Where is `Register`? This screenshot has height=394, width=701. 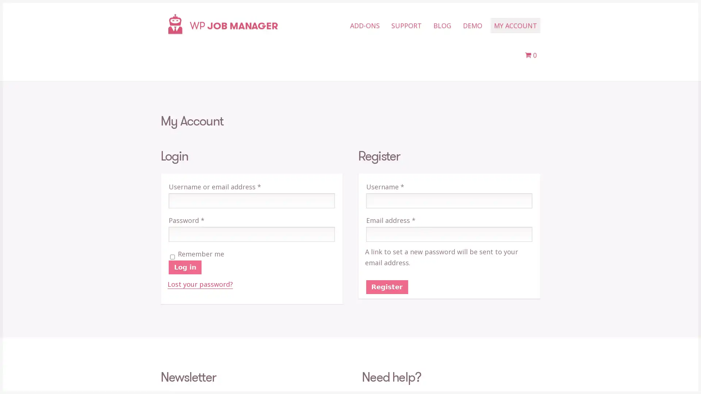 Register is located at coordinates (386, 286).